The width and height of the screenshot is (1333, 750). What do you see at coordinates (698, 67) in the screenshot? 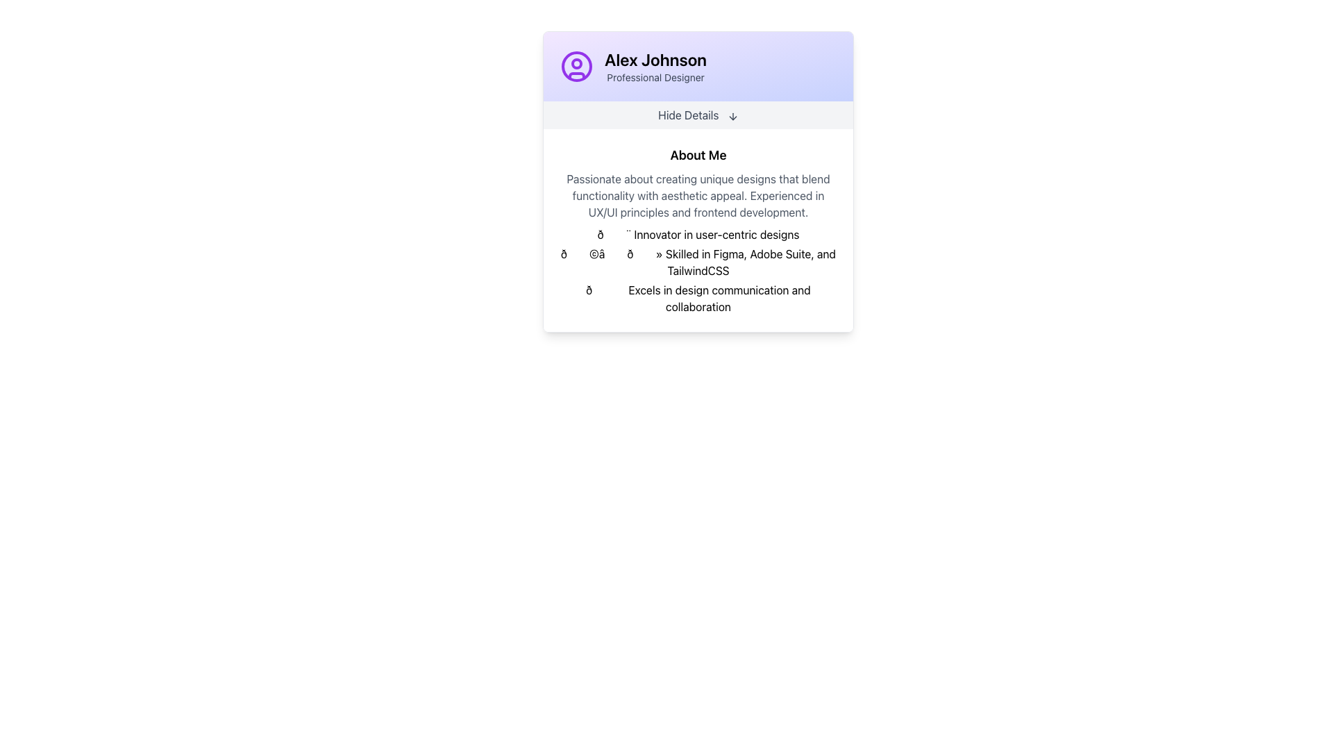
I see `the Profile header element that displays the user's name and designation, located at the top left section of the card layout` at bounding box center [698, 67].